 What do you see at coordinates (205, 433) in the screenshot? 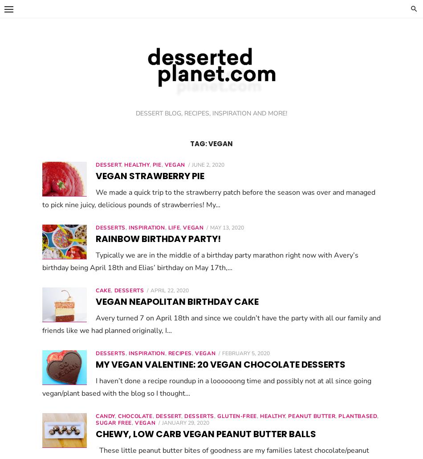
I see `'Chewy, Low Carb Vegan Peanut Butter Balls'` at bounding box center [205, 433].